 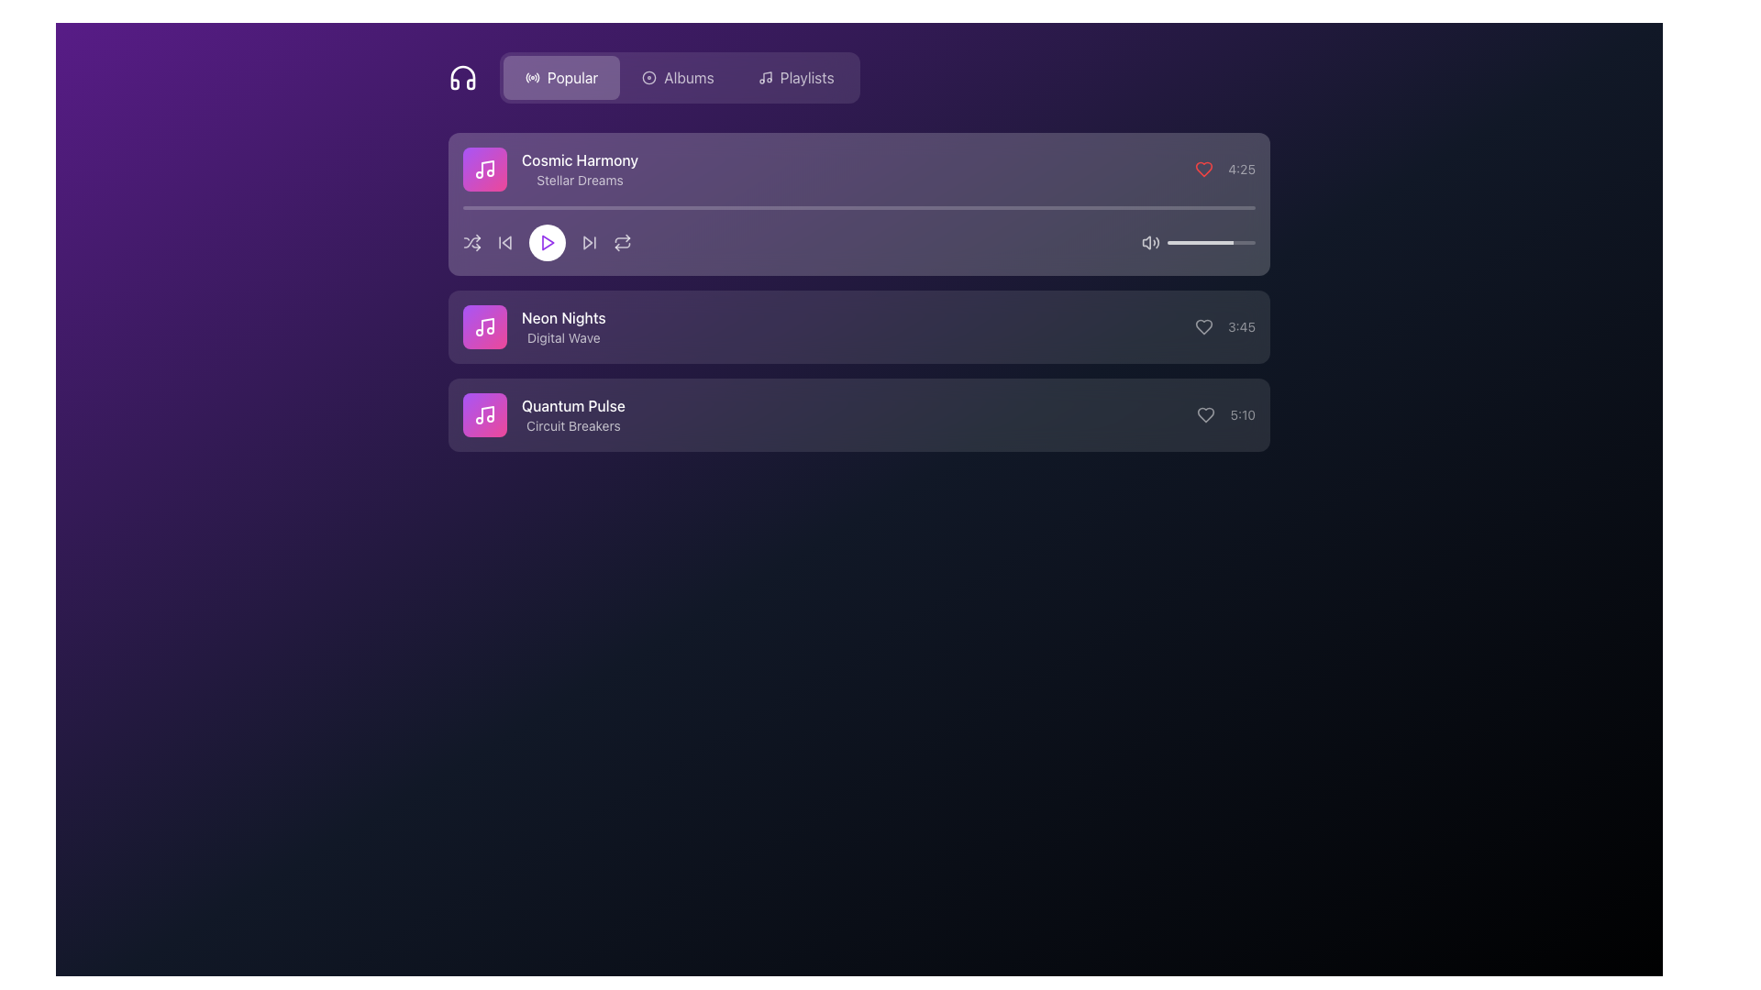 I want to click on the heart-shaped like button located to the far left of the text displaying '3:45' in the second section of the music tracks list, so click(x=1204, y=326).